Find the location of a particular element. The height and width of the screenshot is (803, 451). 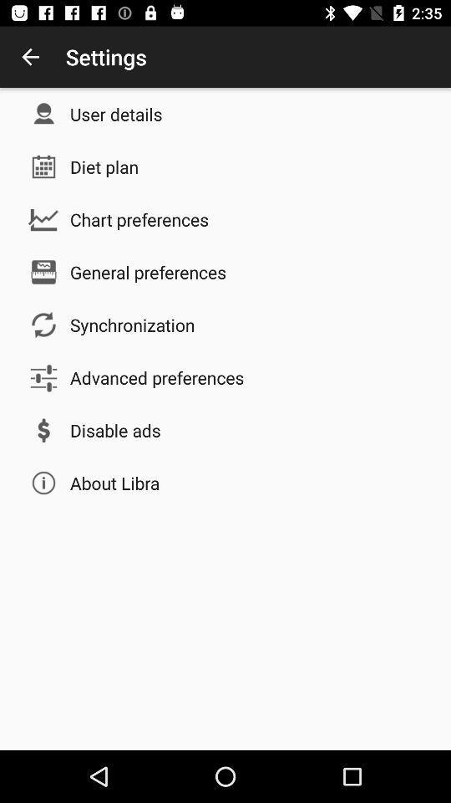

chart preferences icon is located at coordinates (139, 218).